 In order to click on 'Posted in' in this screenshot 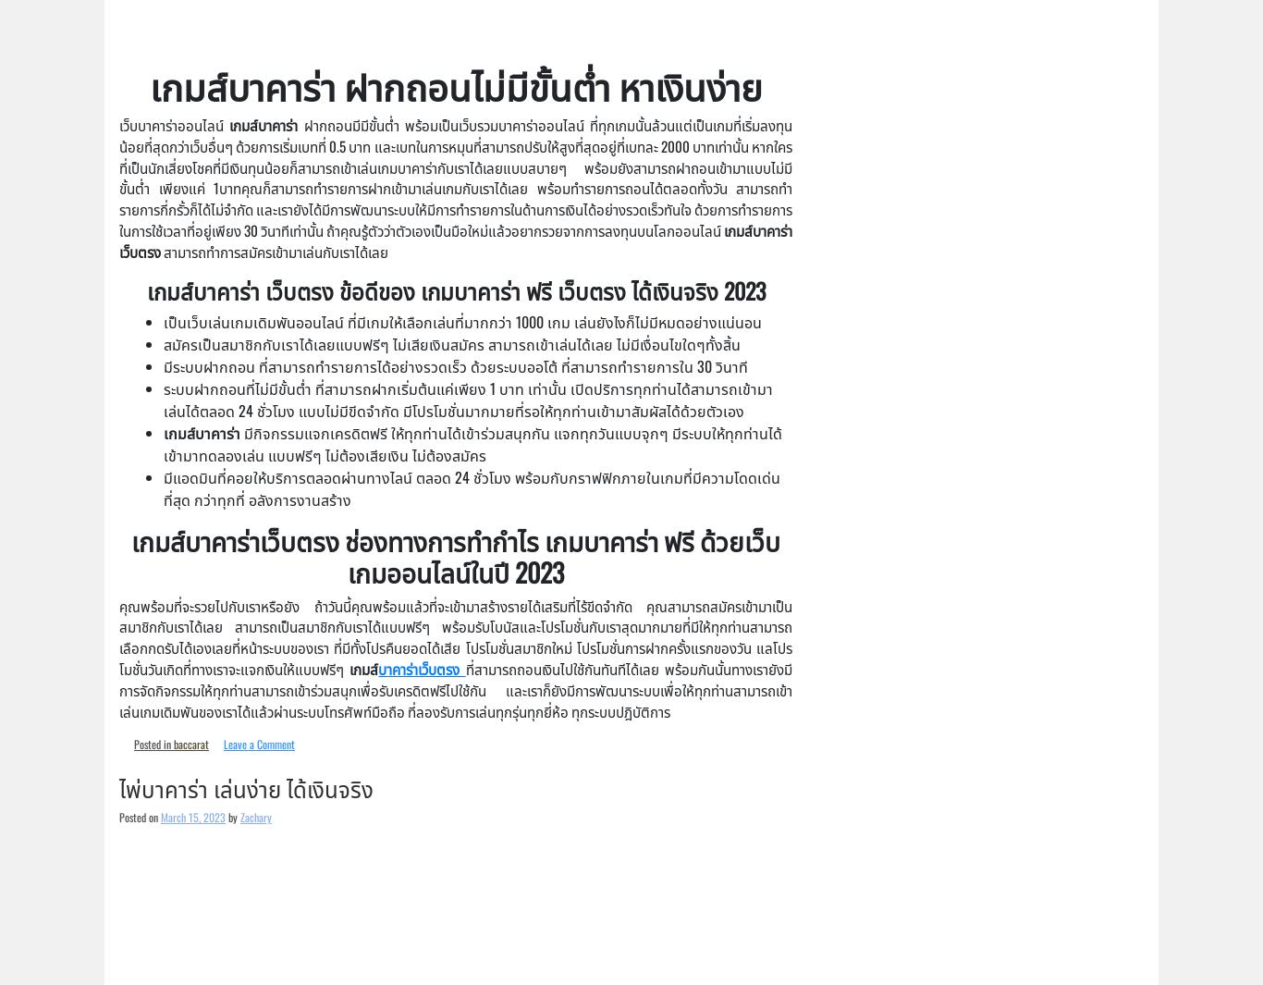, I will do `click(153, 744)`.